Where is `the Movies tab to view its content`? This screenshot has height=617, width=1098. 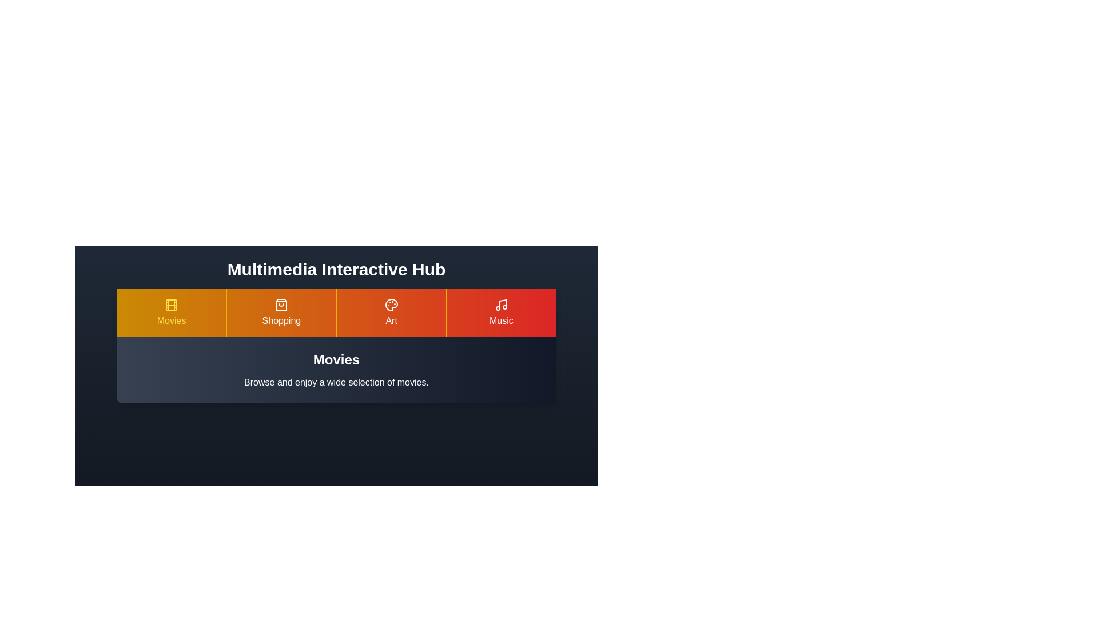
the Movies tab to view its content is located at coordinates (171, 312).